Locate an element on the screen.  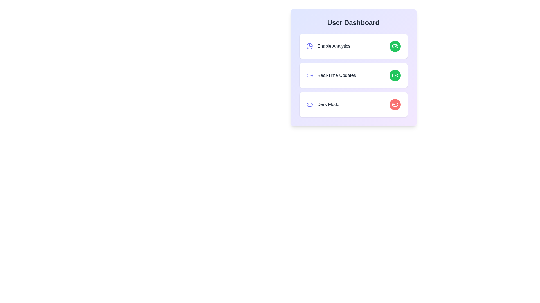
the circular red toggle button located to the right of the 'Dark Mode' text is located at coordinates (395, 105).